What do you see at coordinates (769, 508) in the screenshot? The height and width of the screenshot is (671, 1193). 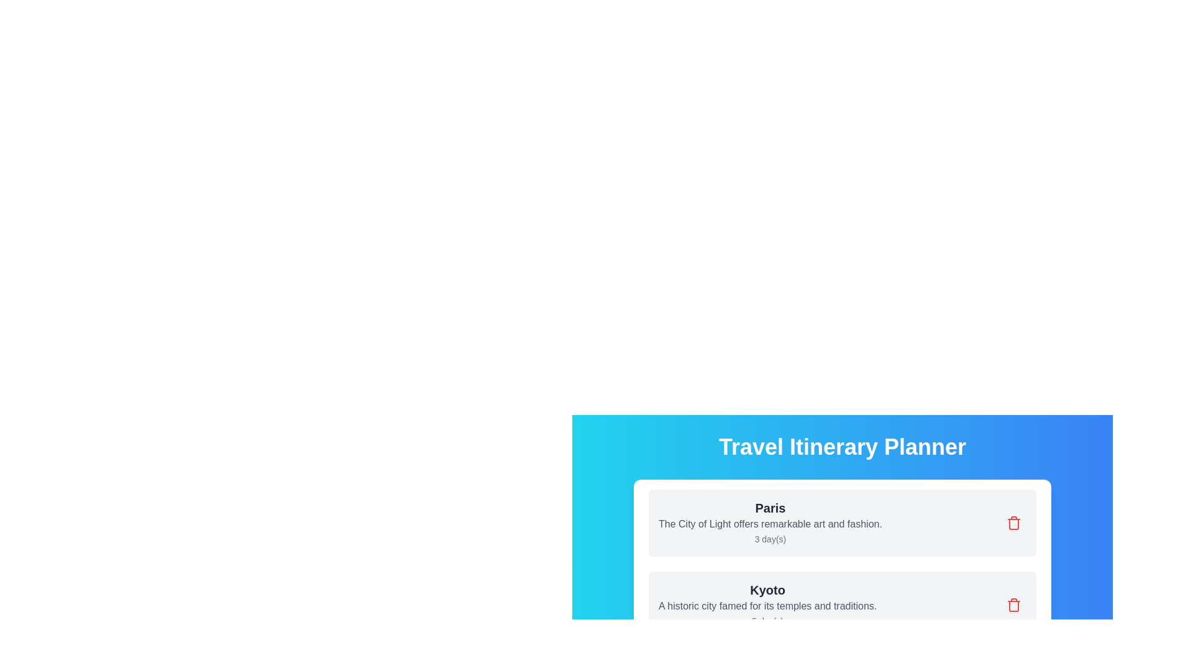 I see `the text label that identifies the destination 'Paris' at the top of the travel-related entry card` at bounding box center [769, 508].